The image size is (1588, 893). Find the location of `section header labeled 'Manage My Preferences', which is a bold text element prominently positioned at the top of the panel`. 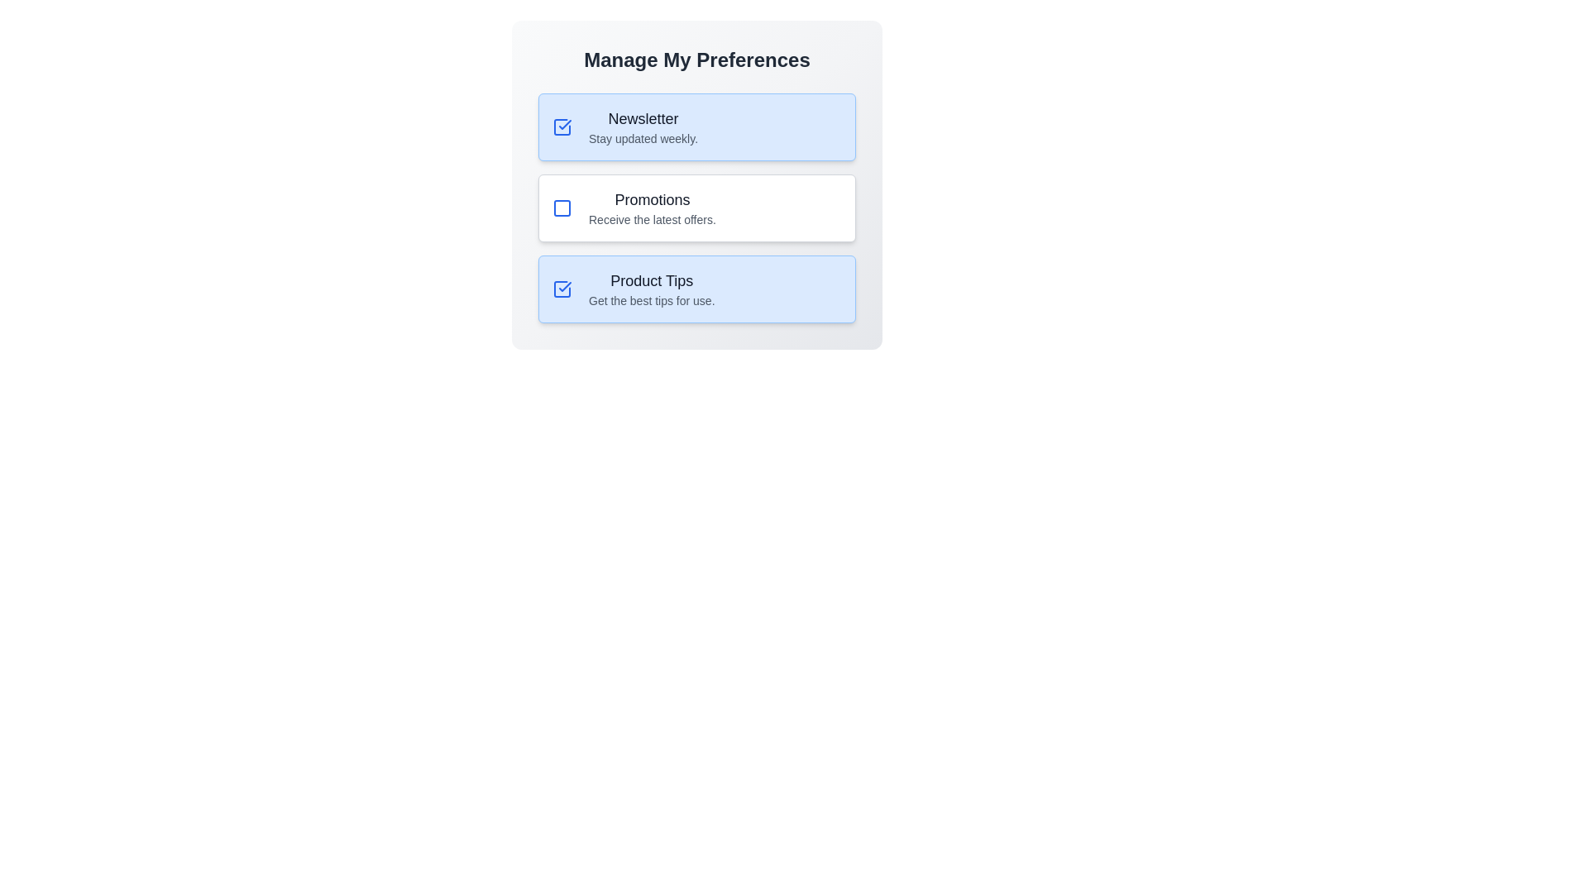

section header labeled 'Manage My Preferences', which is a bold text element prominently positioned at the top of the panel is located at coordinates (697, 60).